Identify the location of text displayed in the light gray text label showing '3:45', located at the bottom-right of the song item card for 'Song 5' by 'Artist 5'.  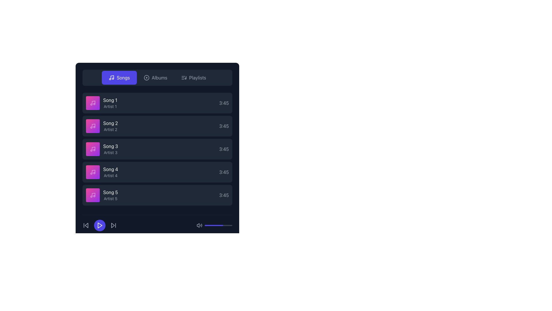
(224, 195).